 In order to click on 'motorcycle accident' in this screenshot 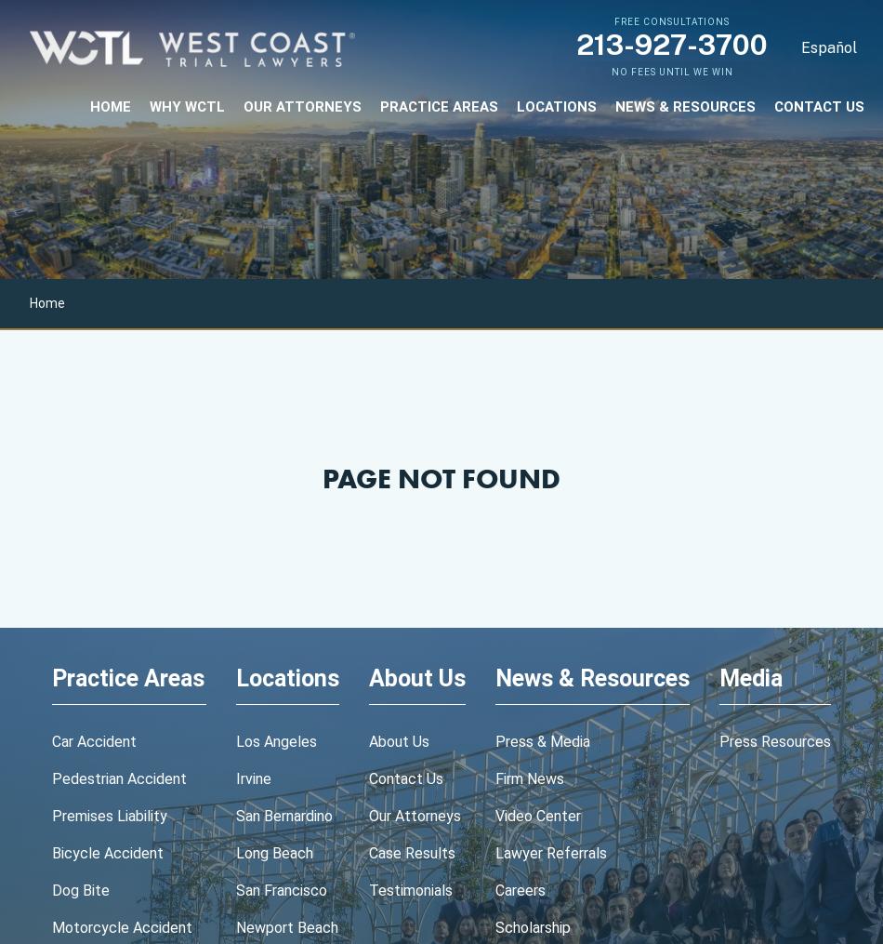, I will do `click(122, 927)`.